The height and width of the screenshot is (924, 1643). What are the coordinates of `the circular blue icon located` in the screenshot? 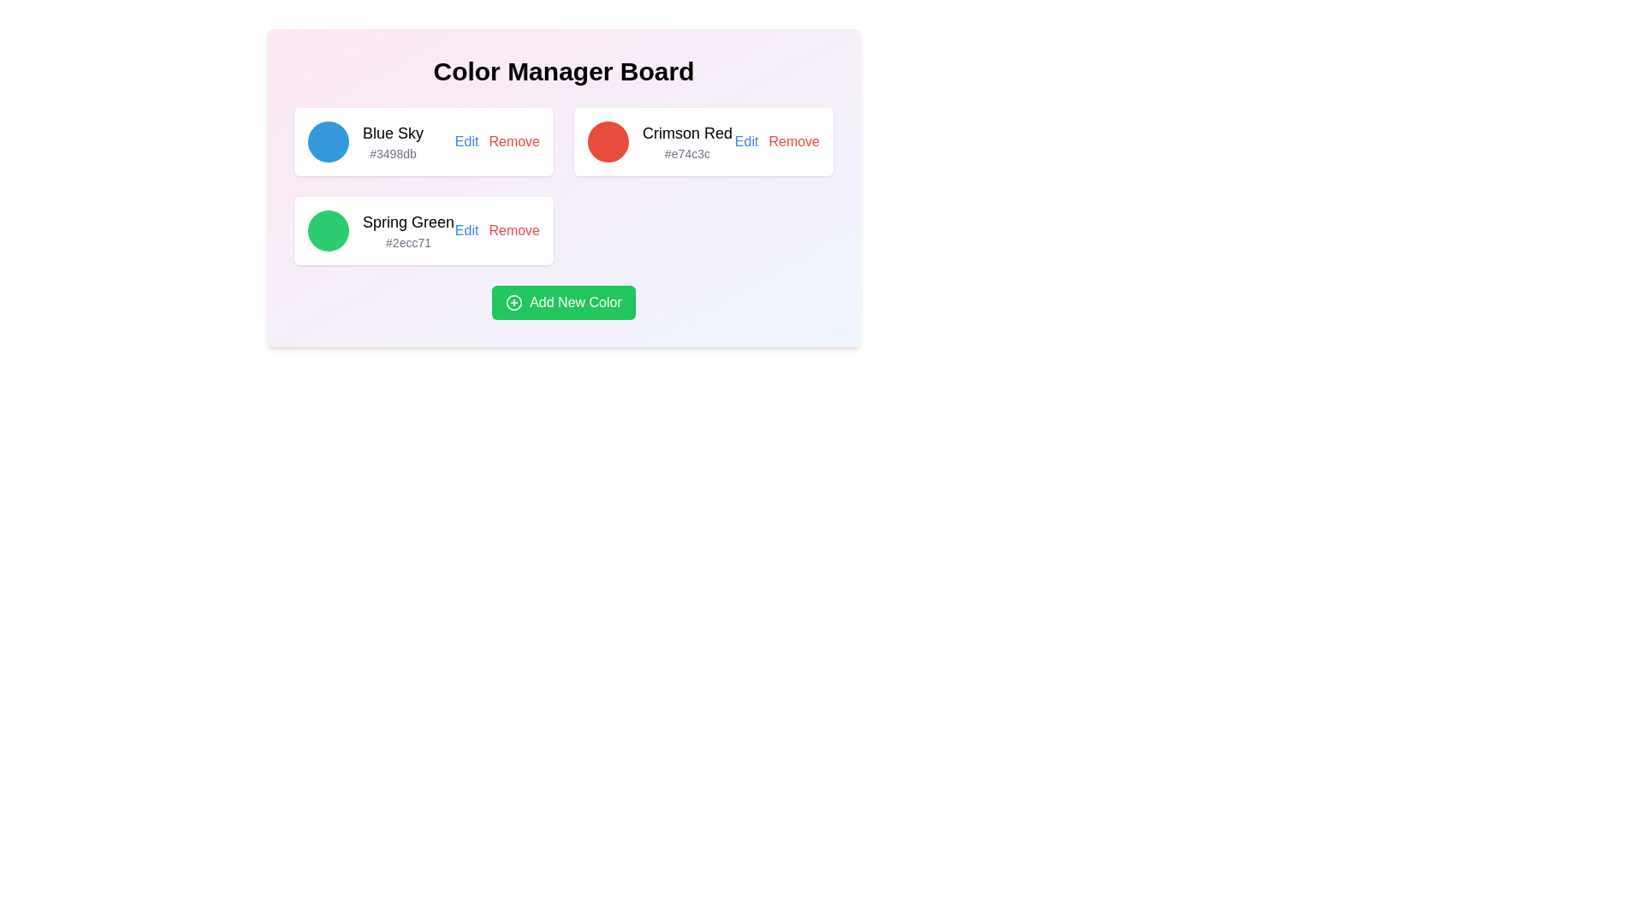 It's located at (329, 140).